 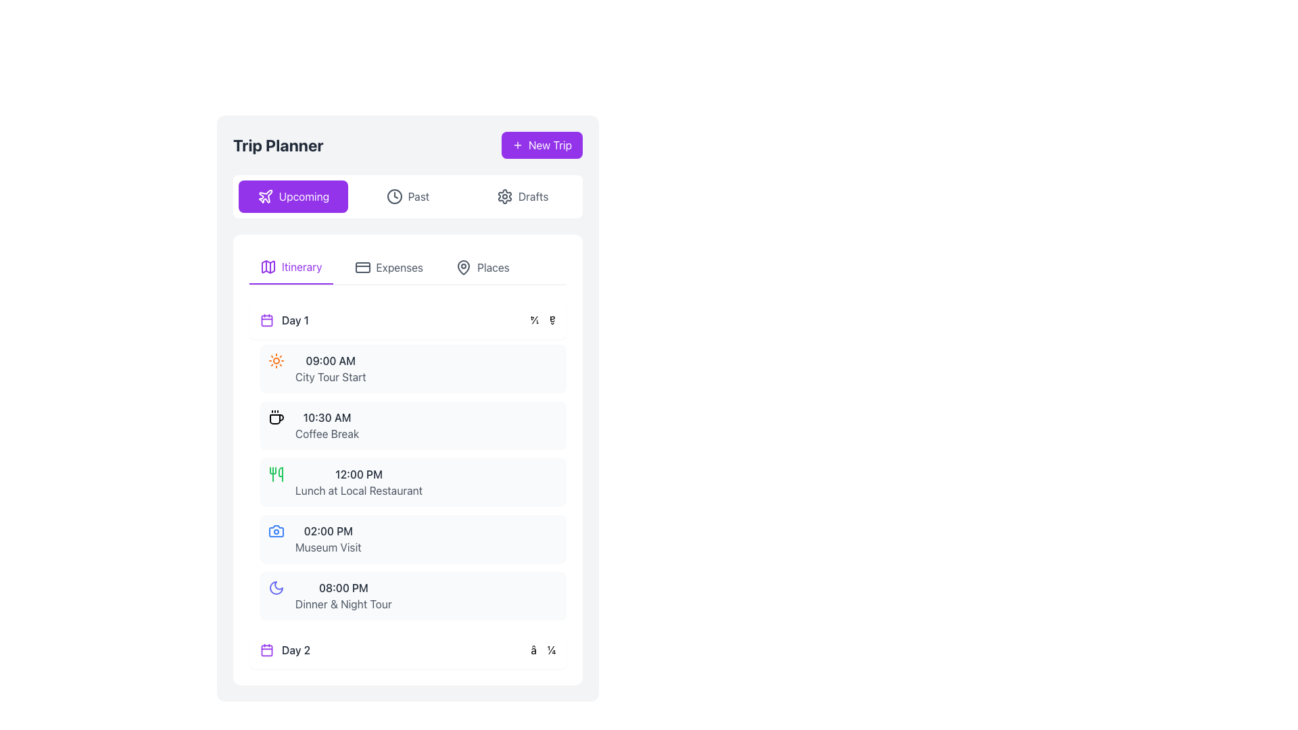 What do you see at coordinates (504, 196) in the screenshot?
I see `the gear-shaped settings icon located in the top-right corner of the application interface` at bounding box center [504, 196].